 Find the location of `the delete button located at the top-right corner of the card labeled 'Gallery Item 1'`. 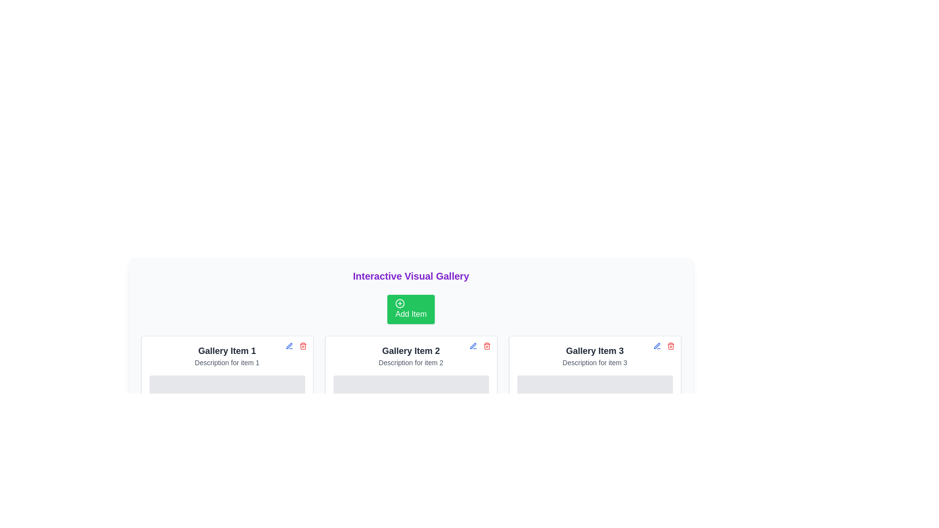

the delete button located at the top-right corner of the card labeled 'Gallery Item 1' is located at coordinates (302, 346).